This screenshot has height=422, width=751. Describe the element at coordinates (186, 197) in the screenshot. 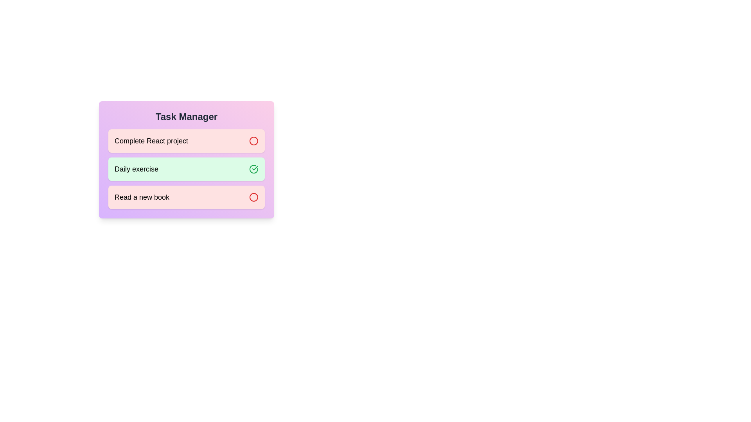

I see `the task Read a new book to observe its dynamic styling changes` at that location.